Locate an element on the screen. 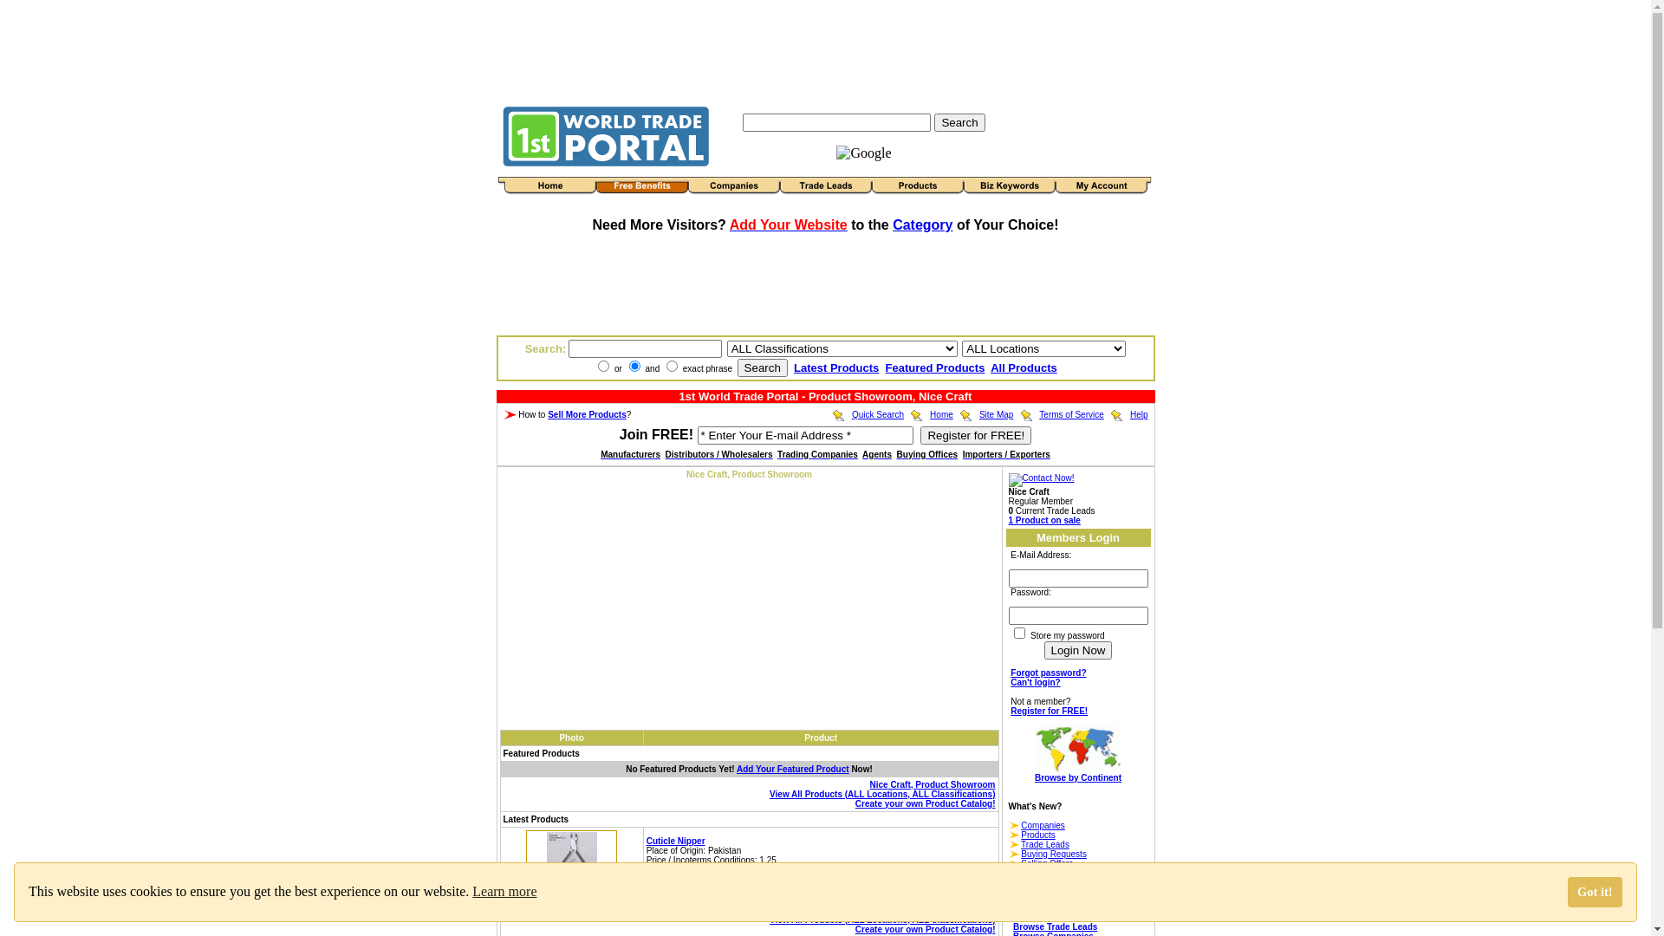 This screenshot has height=936, width=1664. 'Trade Leads' is located at coordinates (1043, 843).